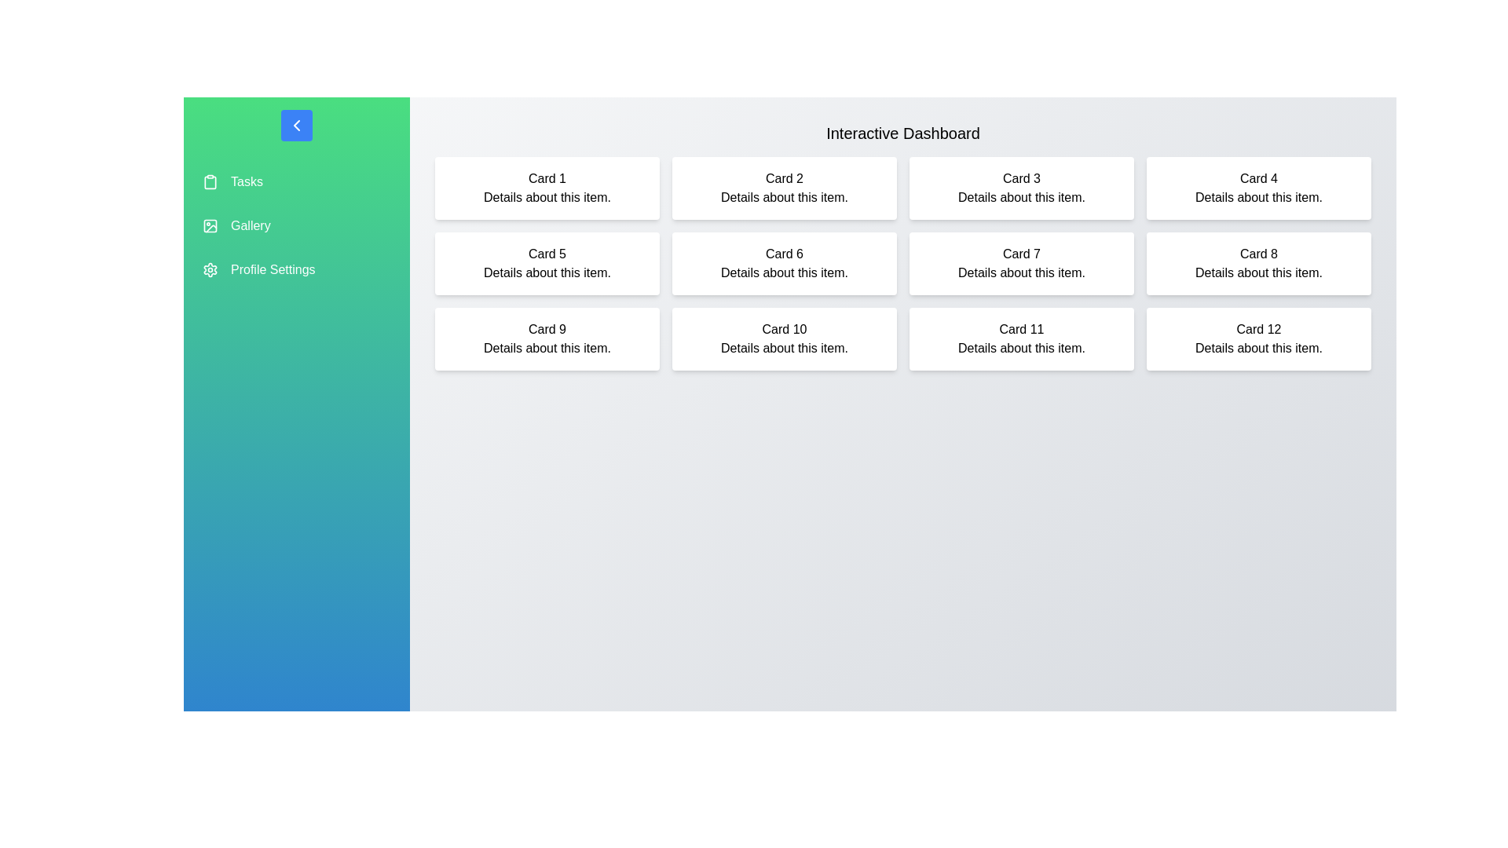 Image resolution: width=1508 pixels, height=848 pixels. What do you see at coordinates (249, 226) in the screenshot?
I see `the 'Gallery' button in the drawer to navigate to the Gallery section` at bounding box center [249, 226].